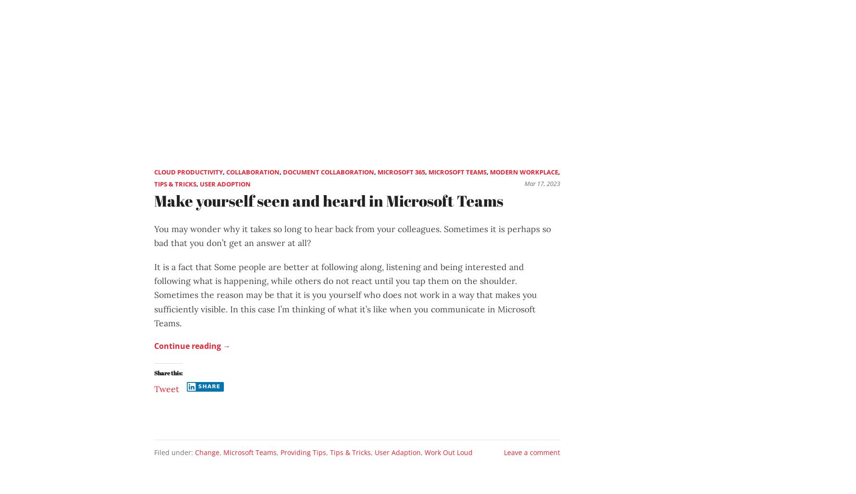 This screenshot has width=856, height=494. What do you see at coordinates (542, 183) in the screenshot?
I see `'Mar 17, 2023'` at bounding box center [542, 183].